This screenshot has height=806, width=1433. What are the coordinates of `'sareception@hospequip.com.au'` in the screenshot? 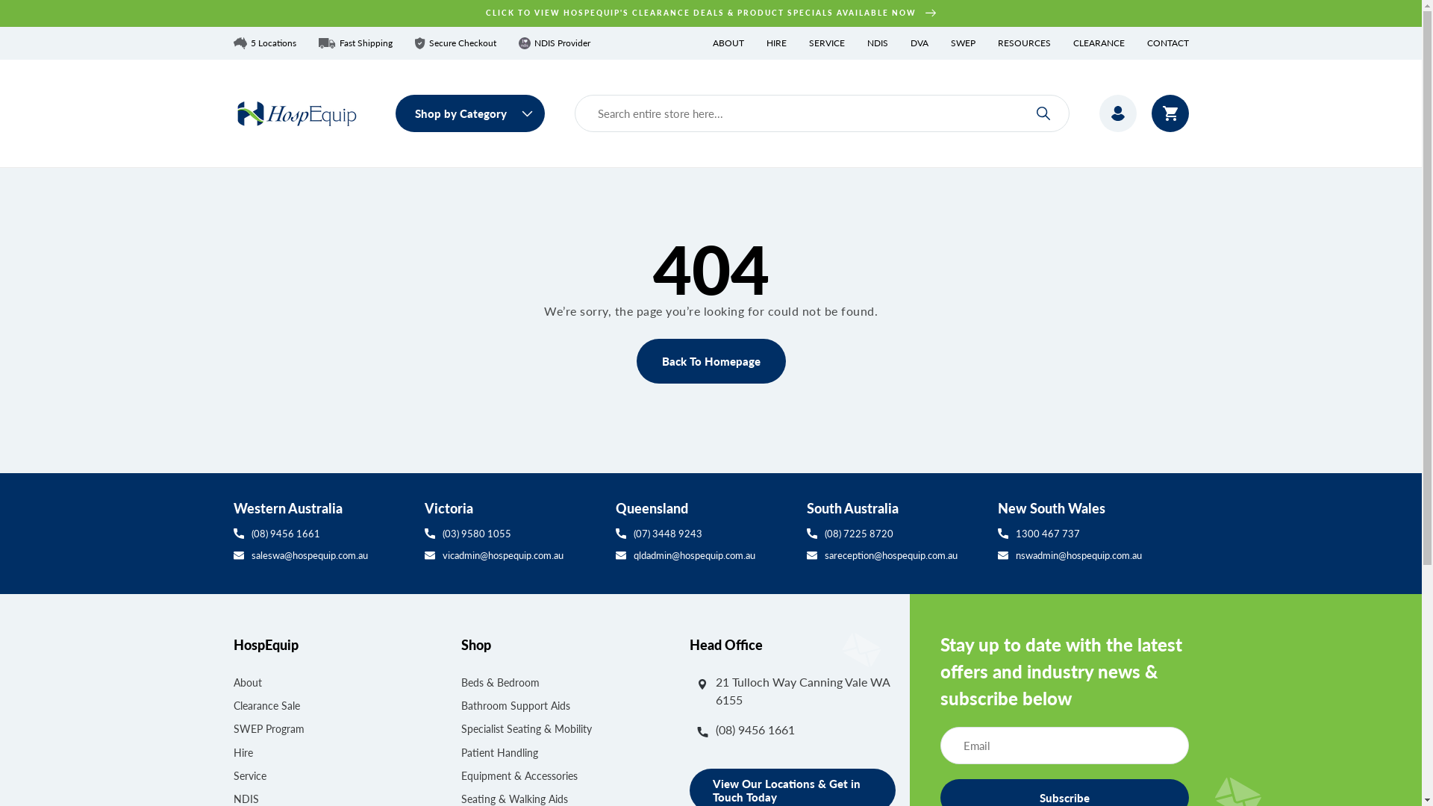 It's located at (894, 555).